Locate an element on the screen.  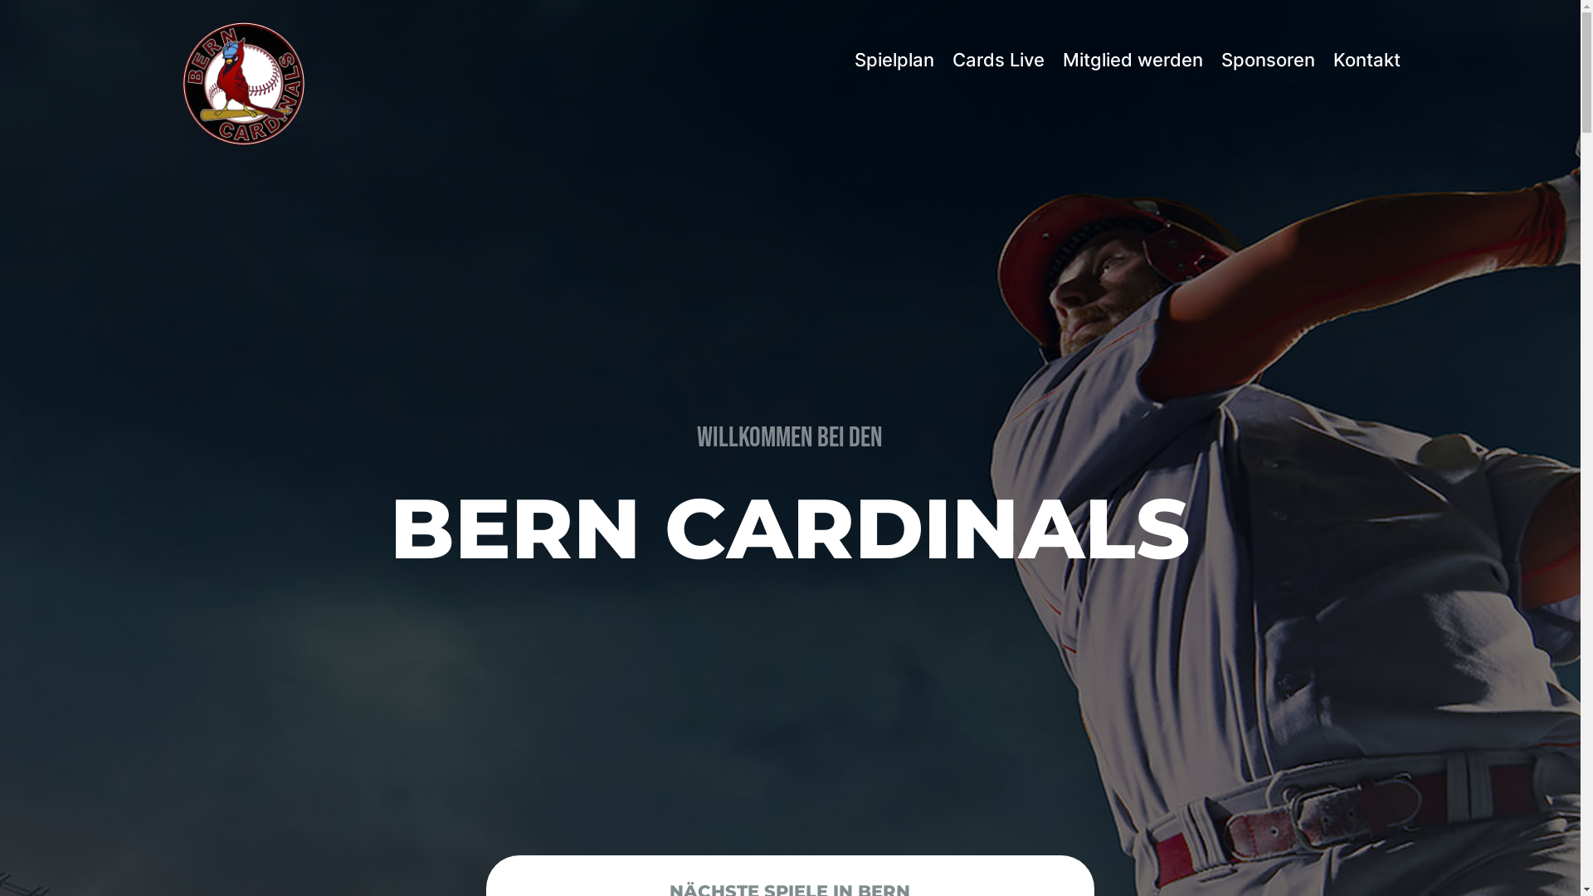
'Kontakt' is located at coordinates (1366, 59).